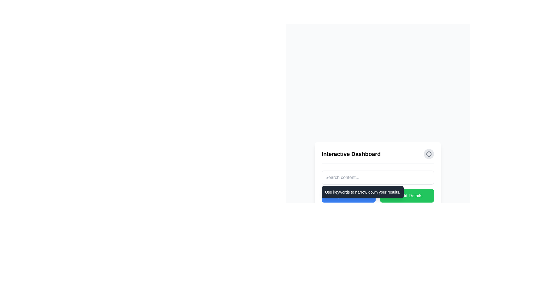 The width and height of the screenshot is (539, 303). I want to click on the tooltip-style text box containing the message 'Use keywords to narrow down your results.' which is displayed above the 'Add Data' button, so click(378, 195).